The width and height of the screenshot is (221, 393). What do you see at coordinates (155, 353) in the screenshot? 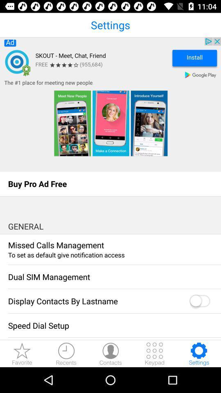
I see `keypad` at bounding box center [155, 353].